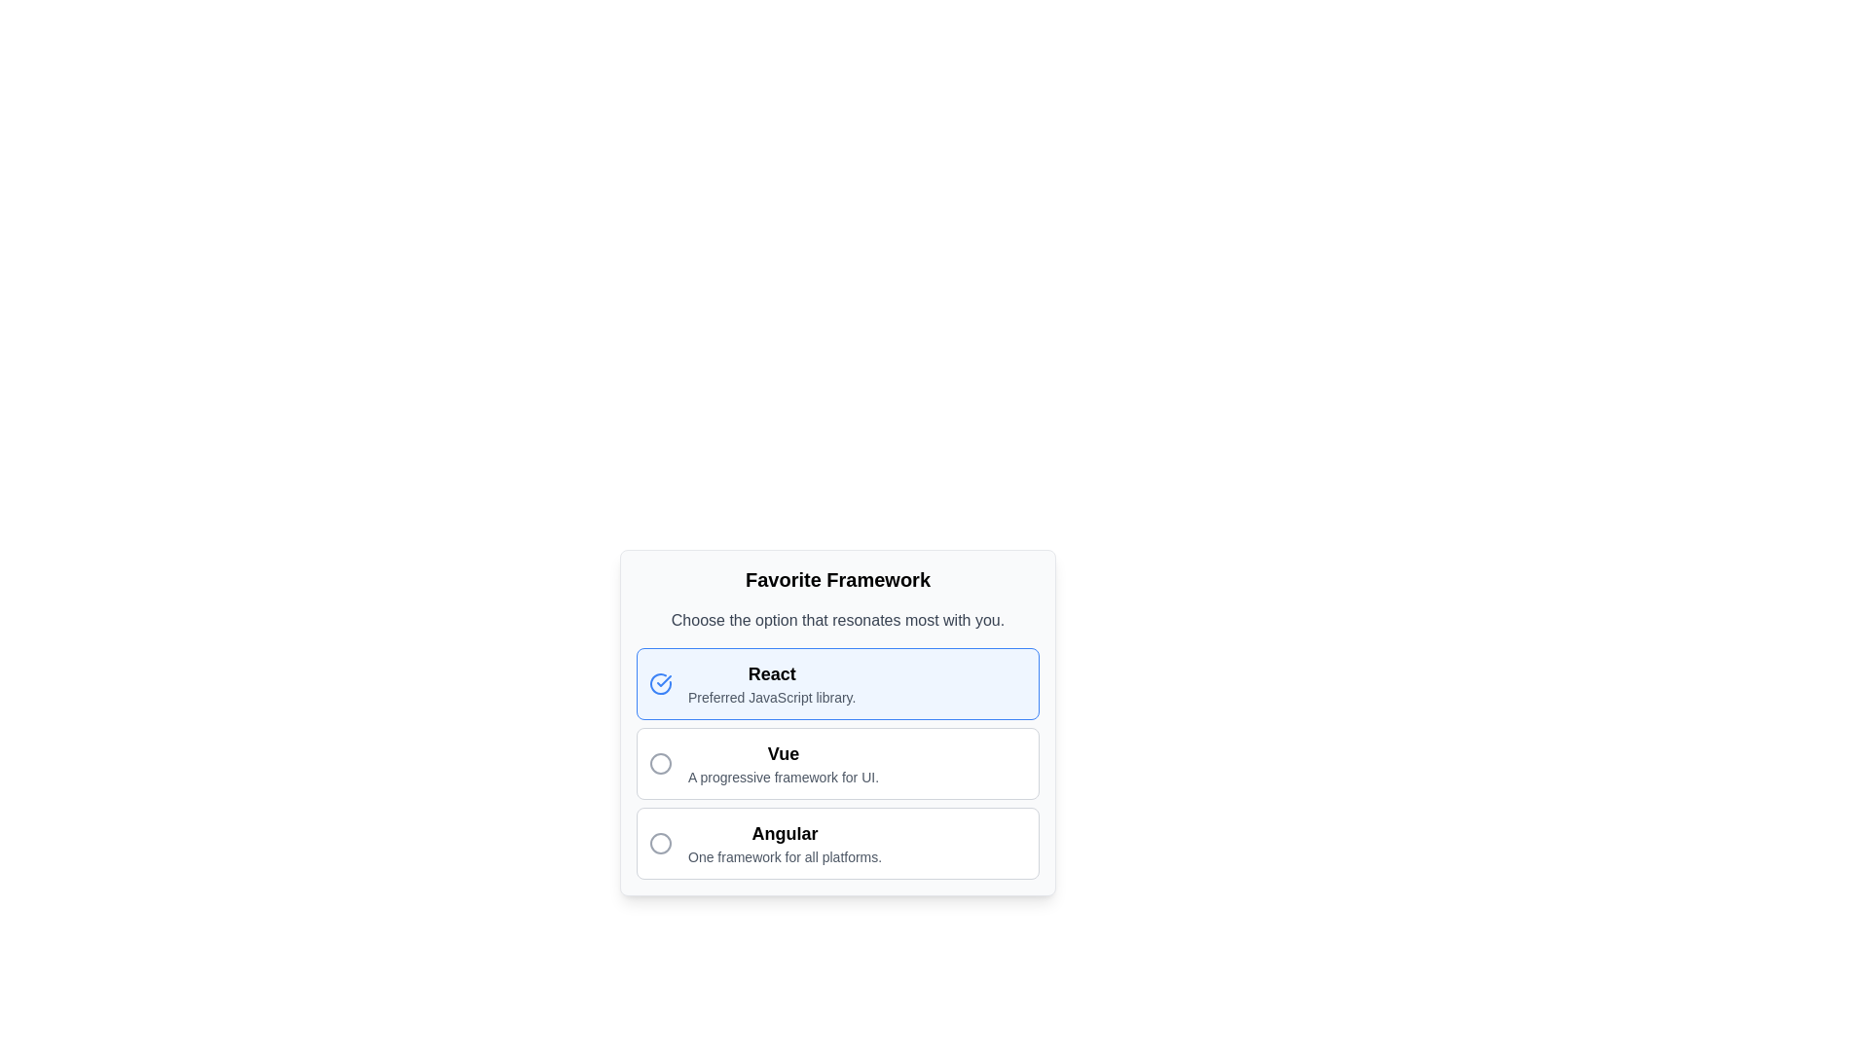 The height and width of the screenshot is (1051, 1869). Describe the element at coordinates (785, 843) in the screenshot. I see `the selectable card representing the Angular framework, which is the third option in the list of frameworks under 'Favorite Framework.'` at that location.